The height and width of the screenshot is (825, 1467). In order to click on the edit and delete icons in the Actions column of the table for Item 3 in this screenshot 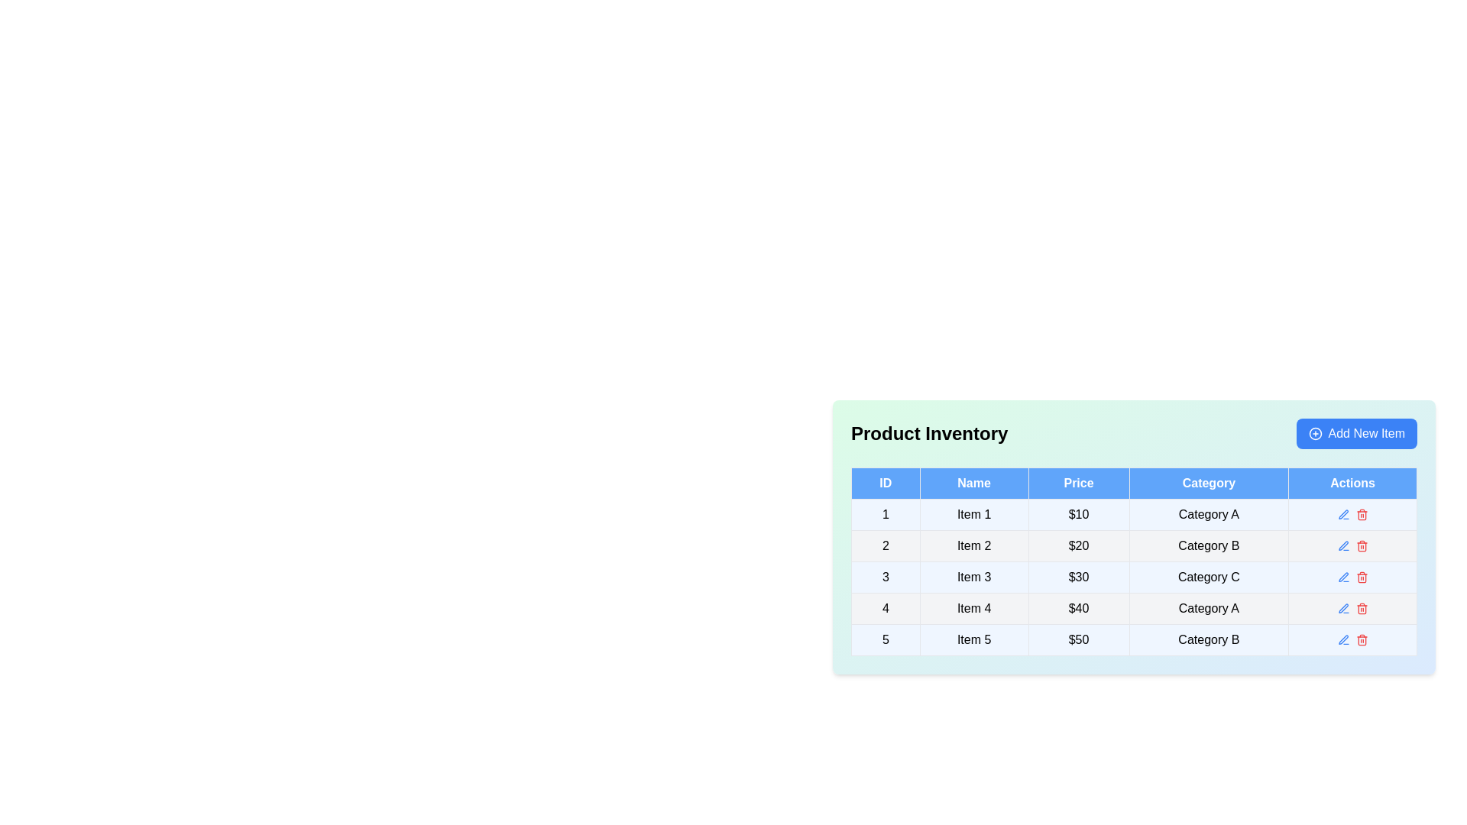, I will do `click(1352, 577)`.